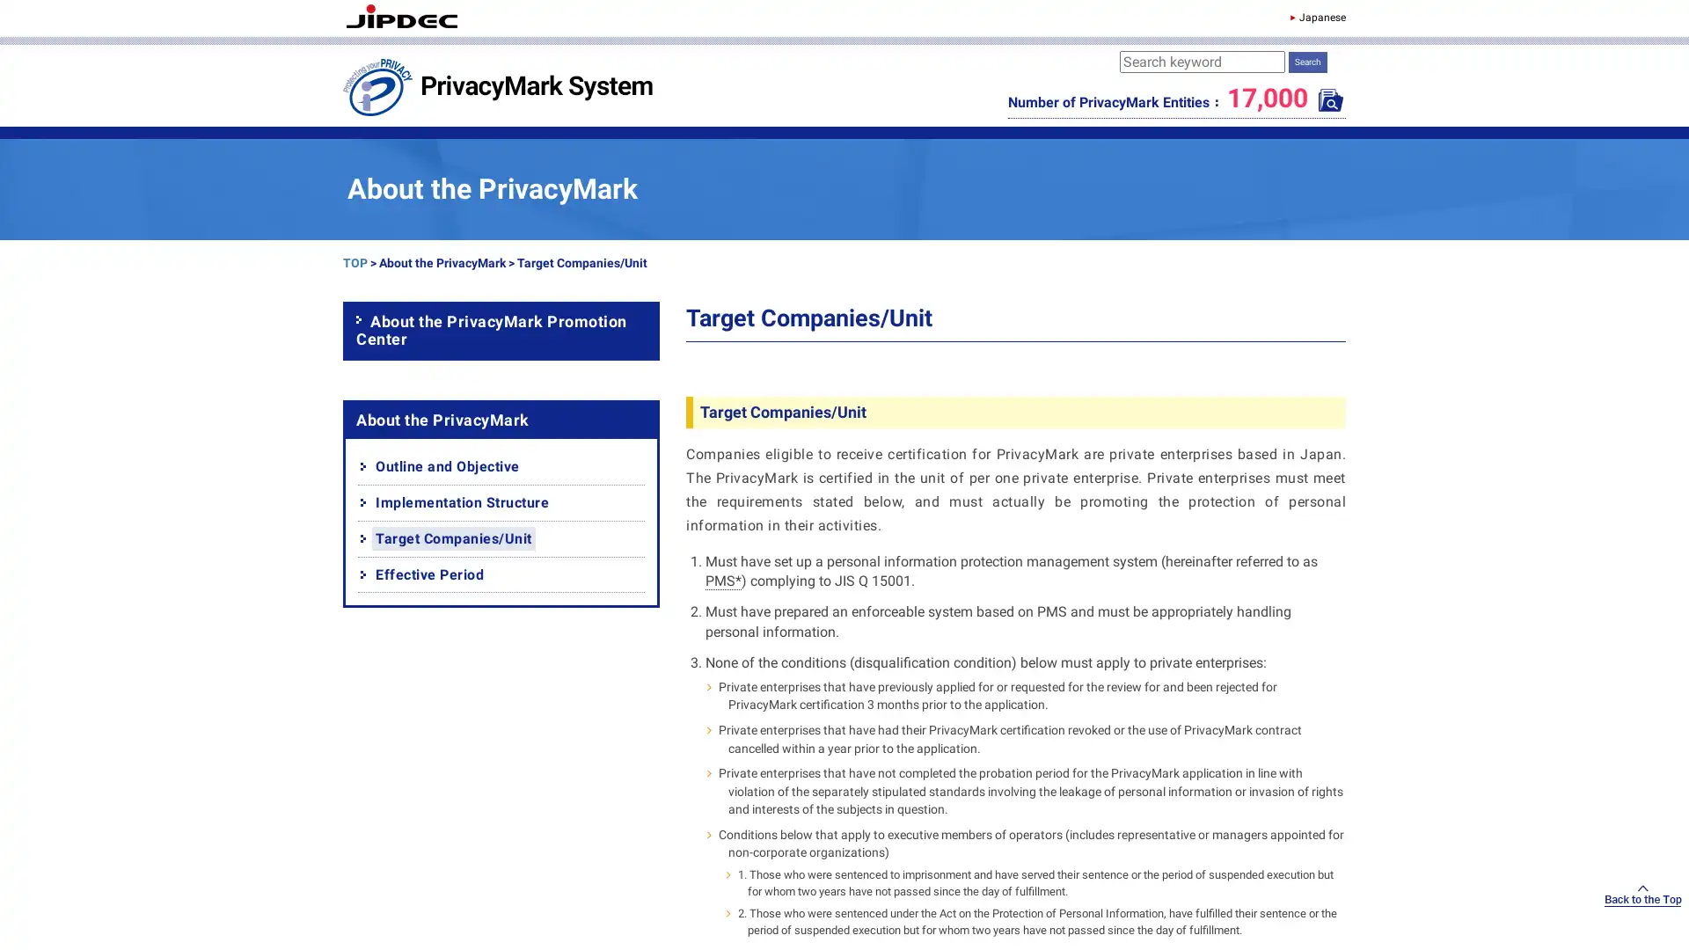 The width and height of the screenshot is (1689, 950). What do you see at coordinates (1308, 60) in the screenshot?
I see `Search` at bounding box center [1308, 60].